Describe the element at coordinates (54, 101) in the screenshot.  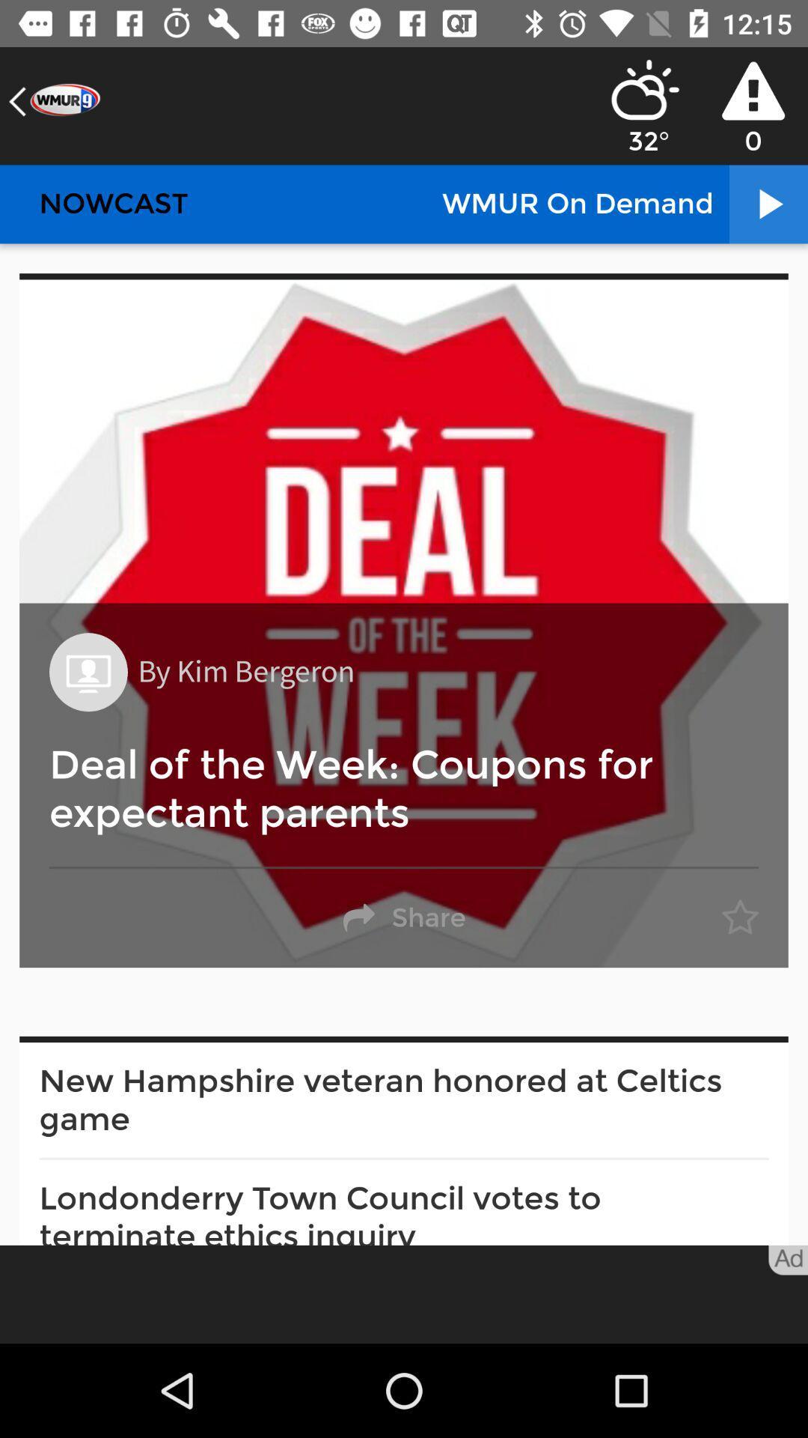
I see `the item above nowcast item` at that location.